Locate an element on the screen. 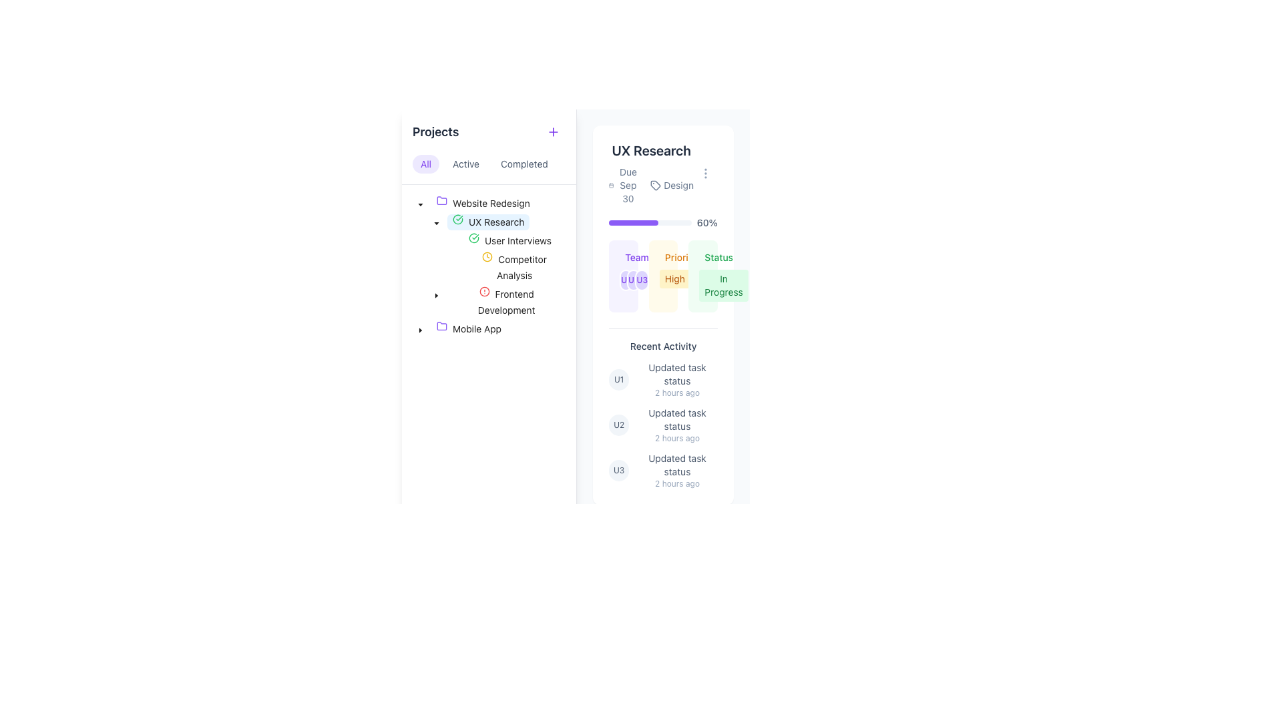  the small calendar icon, which is an outlined square with line art, located in the 'Due Sep 30' section of the 'UX Research' card, positioned left of the text 'Sep 30' is located at coordinates (611, 185).